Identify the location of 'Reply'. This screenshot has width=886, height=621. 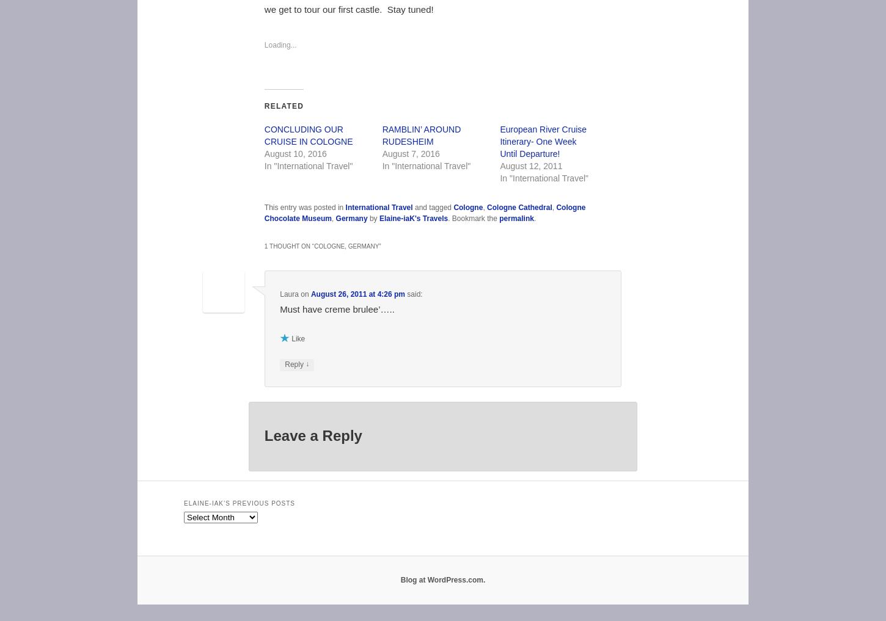
(294, 363).